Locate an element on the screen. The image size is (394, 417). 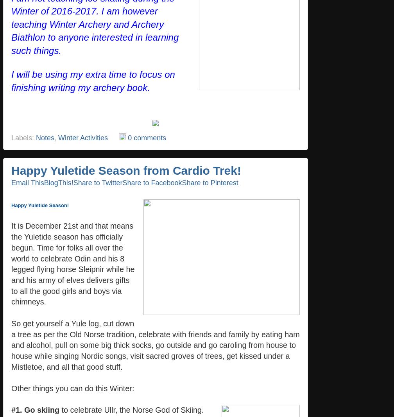
'BlogThis!' is located at coordinates (43, 182).